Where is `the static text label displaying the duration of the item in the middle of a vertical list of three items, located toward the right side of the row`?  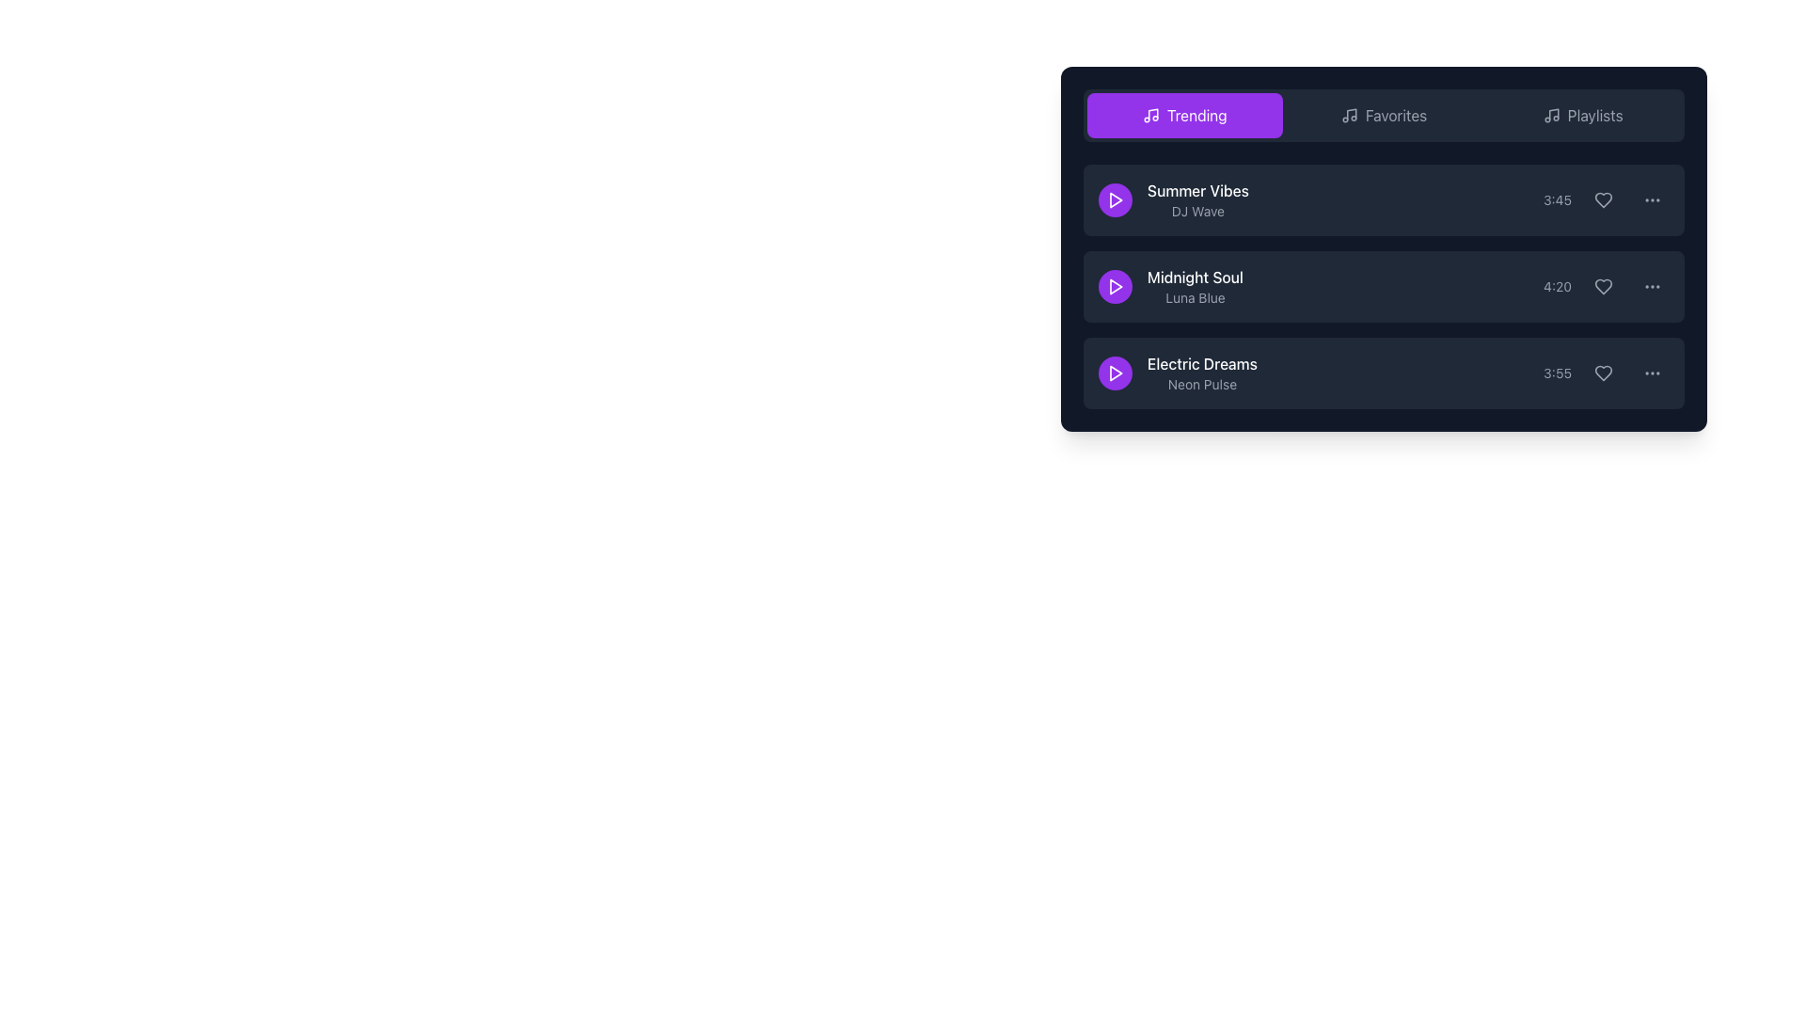
the static text label displaying the duration of the item in the middle of a vertical list of three items, located toward the right side of the row is located at coordinates (1558, 286).